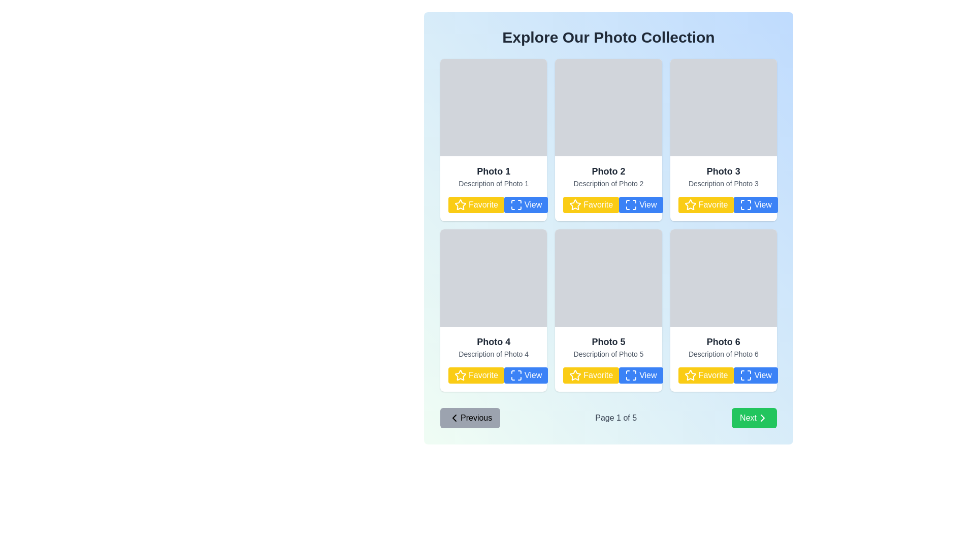 This screenshot has height=548, width=975. Describe the element at coordinates (705, 205) in the screenshot. I see `the 'Favorite' button located in the card for 'Photo 3'` at that location.